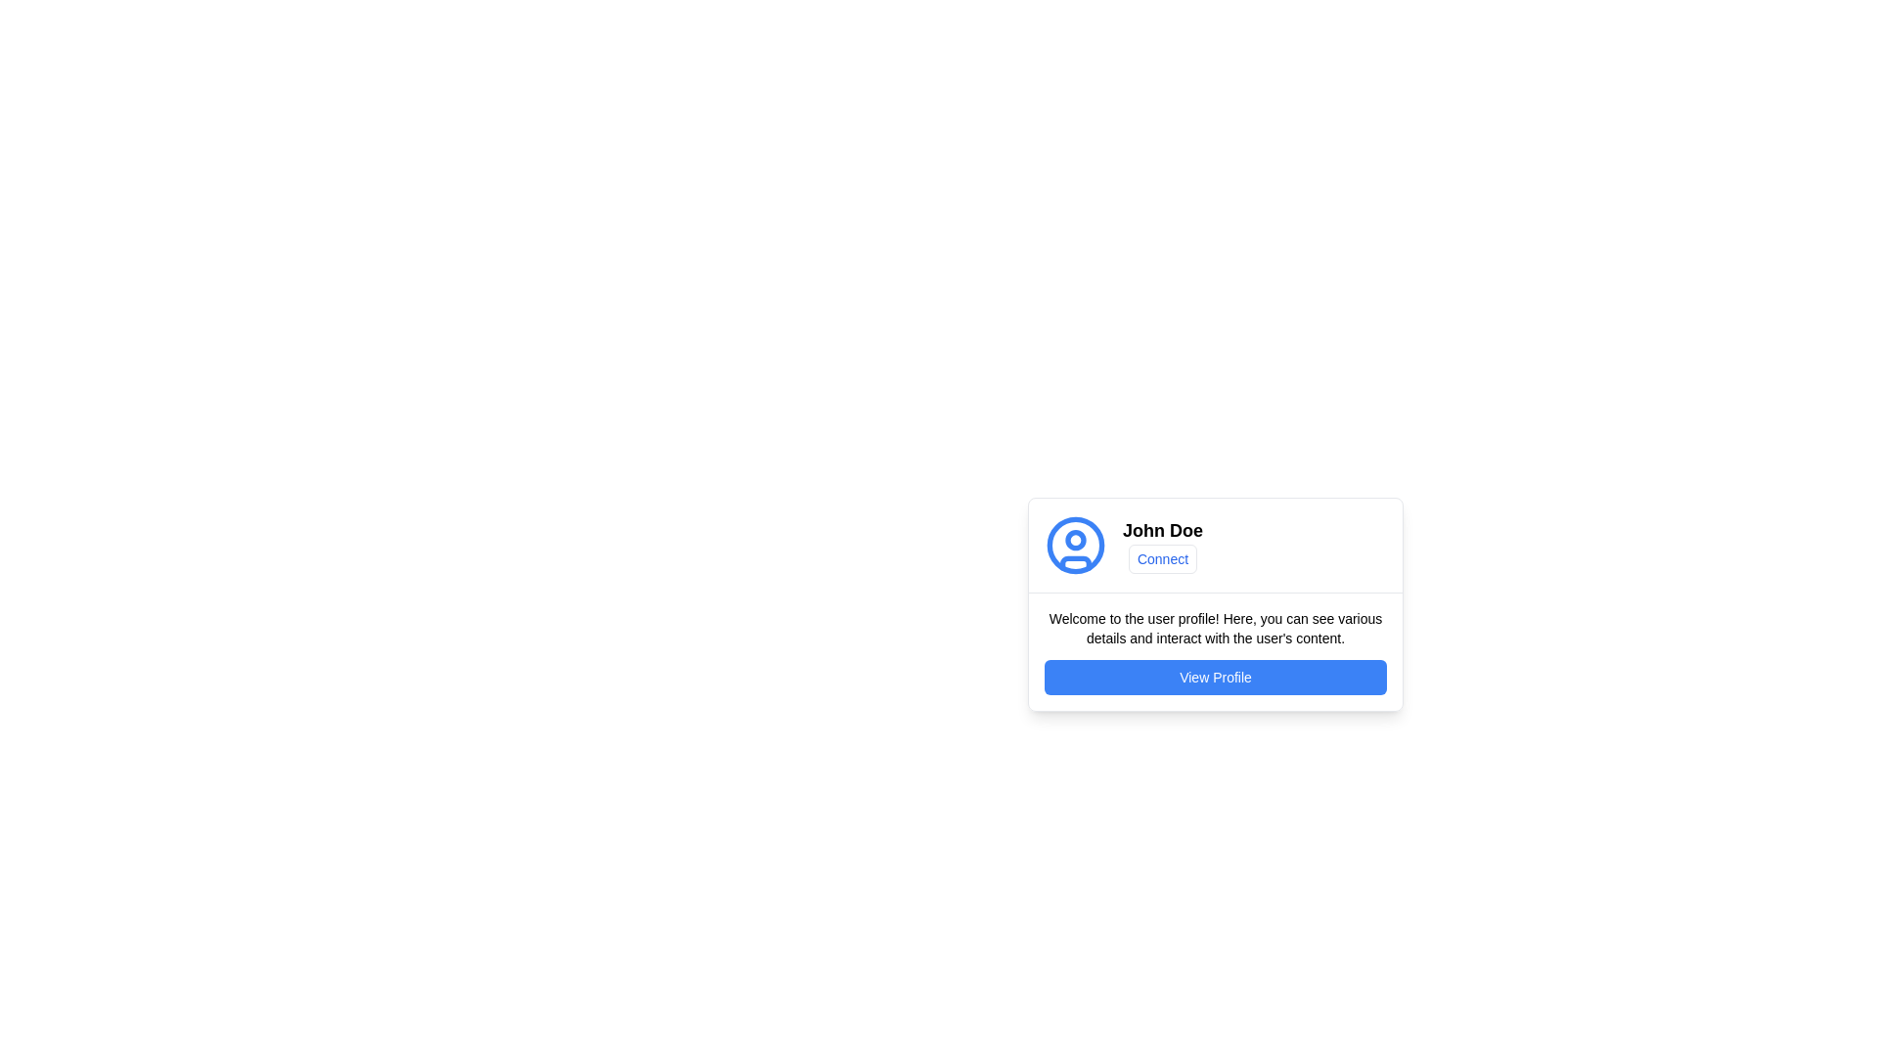 The width and height of the screenshot is (1878, 1056). Describe the element at coordinates (1163, 546) in the screenshot. I see `the 'Connect' link below 'John Doe' in the user profile card` at that location.